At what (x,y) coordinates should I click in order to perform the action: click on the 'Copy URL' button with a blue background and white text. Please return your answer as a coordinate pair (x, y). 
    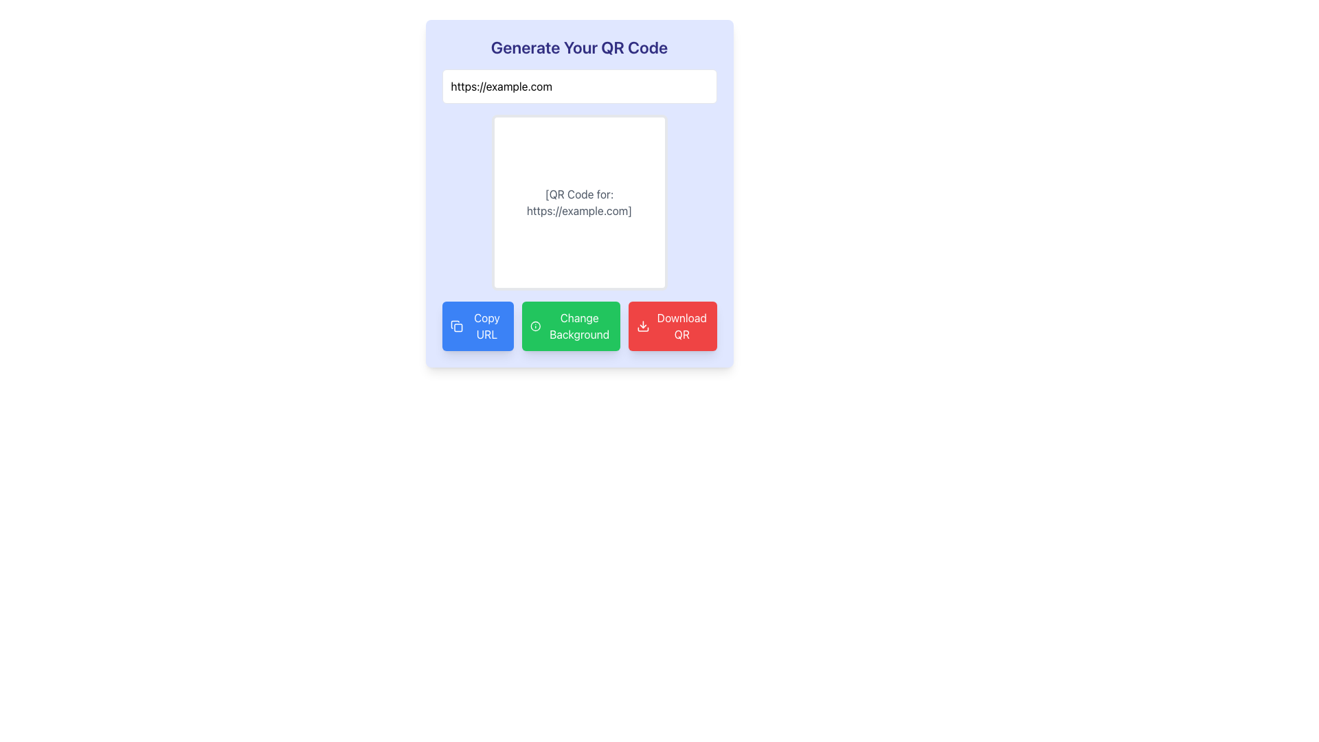
    Looking at the image, I should click on (478, 326).